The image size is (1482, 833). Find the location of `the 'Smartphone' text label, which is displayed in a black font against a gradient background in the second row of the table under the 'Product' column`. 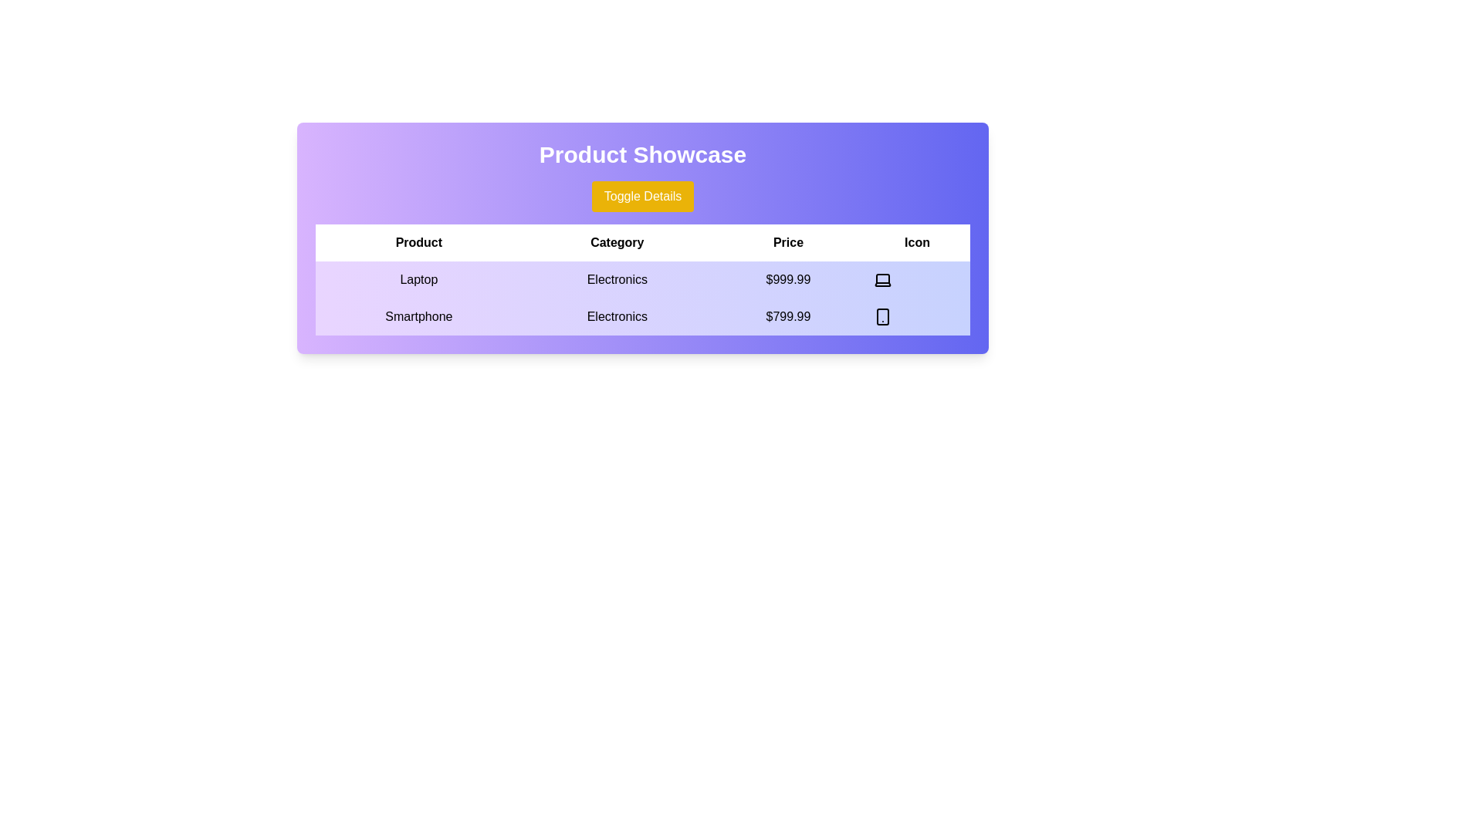

the 'Smartphone' text label, which is displayed in a black font against a gradient background in the second row of the table under the 'Product' column is located at coordinates (418, 316).